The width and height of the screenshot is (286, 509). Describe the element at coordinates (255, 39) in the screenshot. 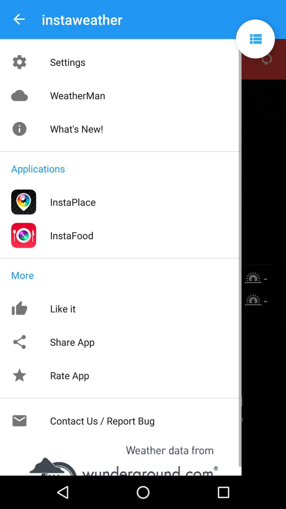

I see `the list icon` at that location.